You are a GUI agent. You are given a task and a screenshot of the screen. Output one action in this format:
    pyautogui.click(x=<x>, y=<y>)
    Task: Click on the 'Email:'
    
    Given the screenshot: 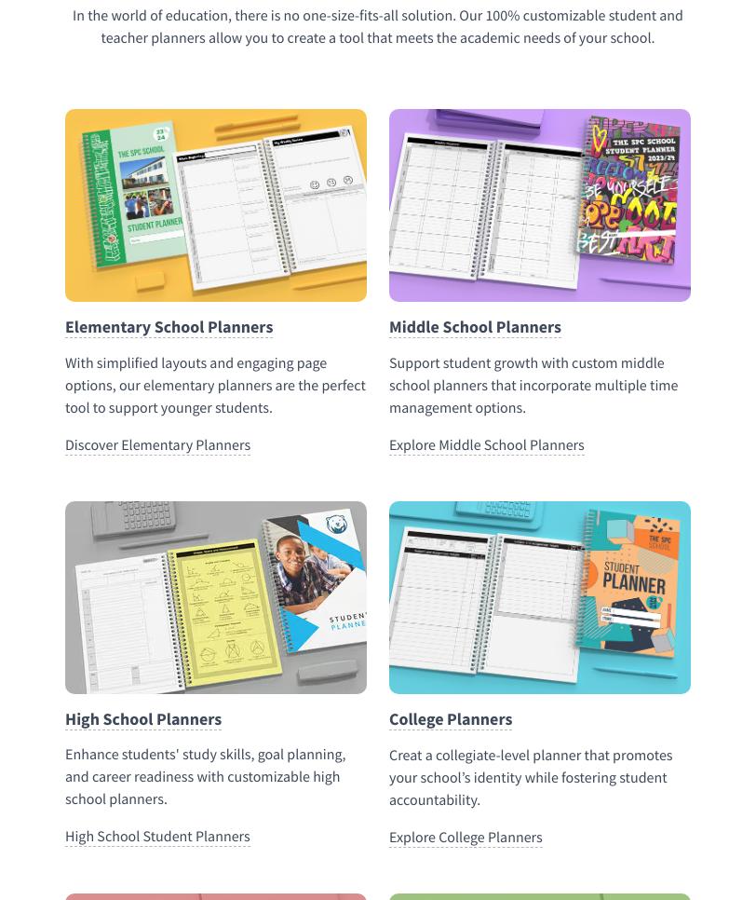 What is the action you would take?
    pyautogui.click(x=72, y=330)
    